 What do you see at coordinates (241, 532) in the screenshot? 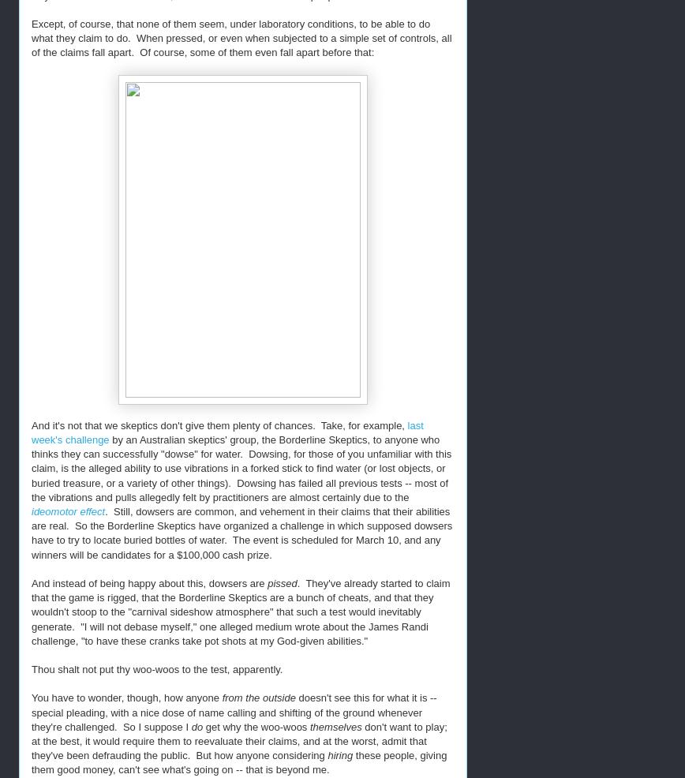
I see `'.  Still, dowsers are common, and vehement in their claims that their abilities are real.  So the Borderline Skeptics have organized a challenge in which supposed dowsers have to try to locate buried bottles of water.  The event is scheduled for March 10, and any winners will be candidates for a $100,000 cash prize.'` at bounding box center [241, 532].